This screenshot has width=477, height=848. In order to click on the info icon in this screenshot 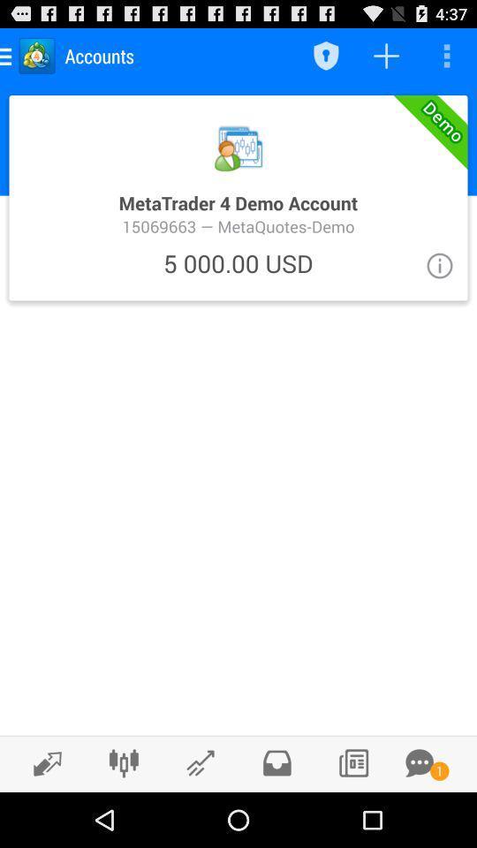, I will do `click(438, 284)`.